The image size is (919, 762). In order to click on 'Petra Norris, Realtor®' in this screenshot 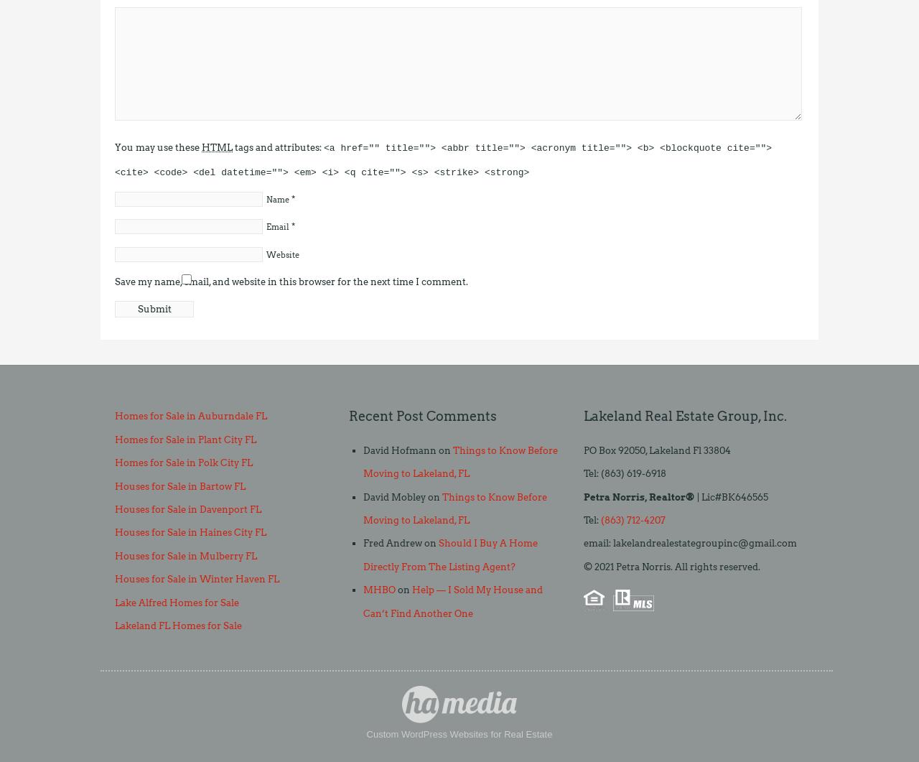, I will do `click(638, 496)`.